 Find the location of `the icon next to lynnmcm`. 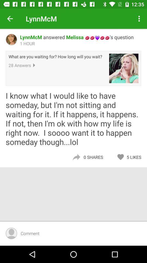

the icon next to lynnmcm is located at coordinates (10, 19).